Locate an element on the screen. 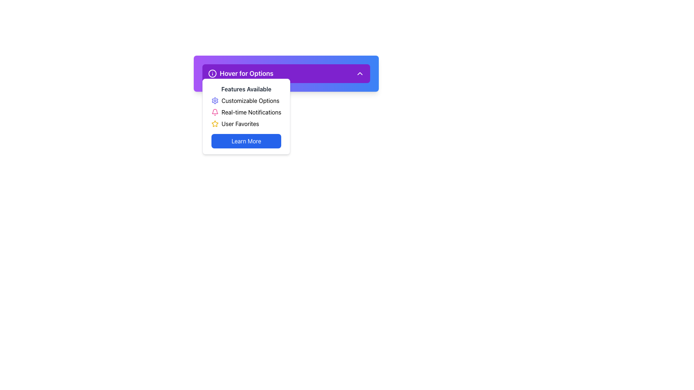  the 'Customizable Options' list item is located at coordinates (246, 100).